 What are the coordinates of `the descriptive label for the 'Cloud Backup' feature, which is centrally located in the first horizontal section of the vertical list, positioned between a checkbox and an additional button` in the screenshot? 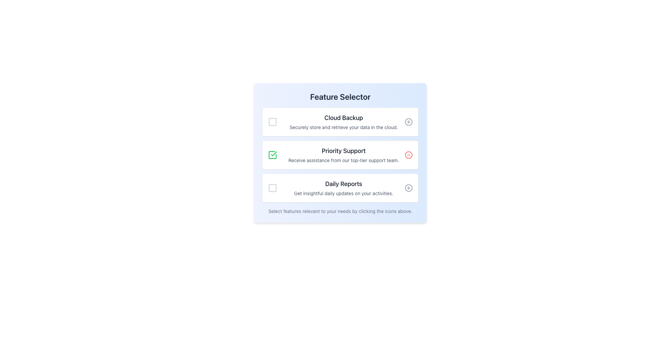 It's located at (343, 122).